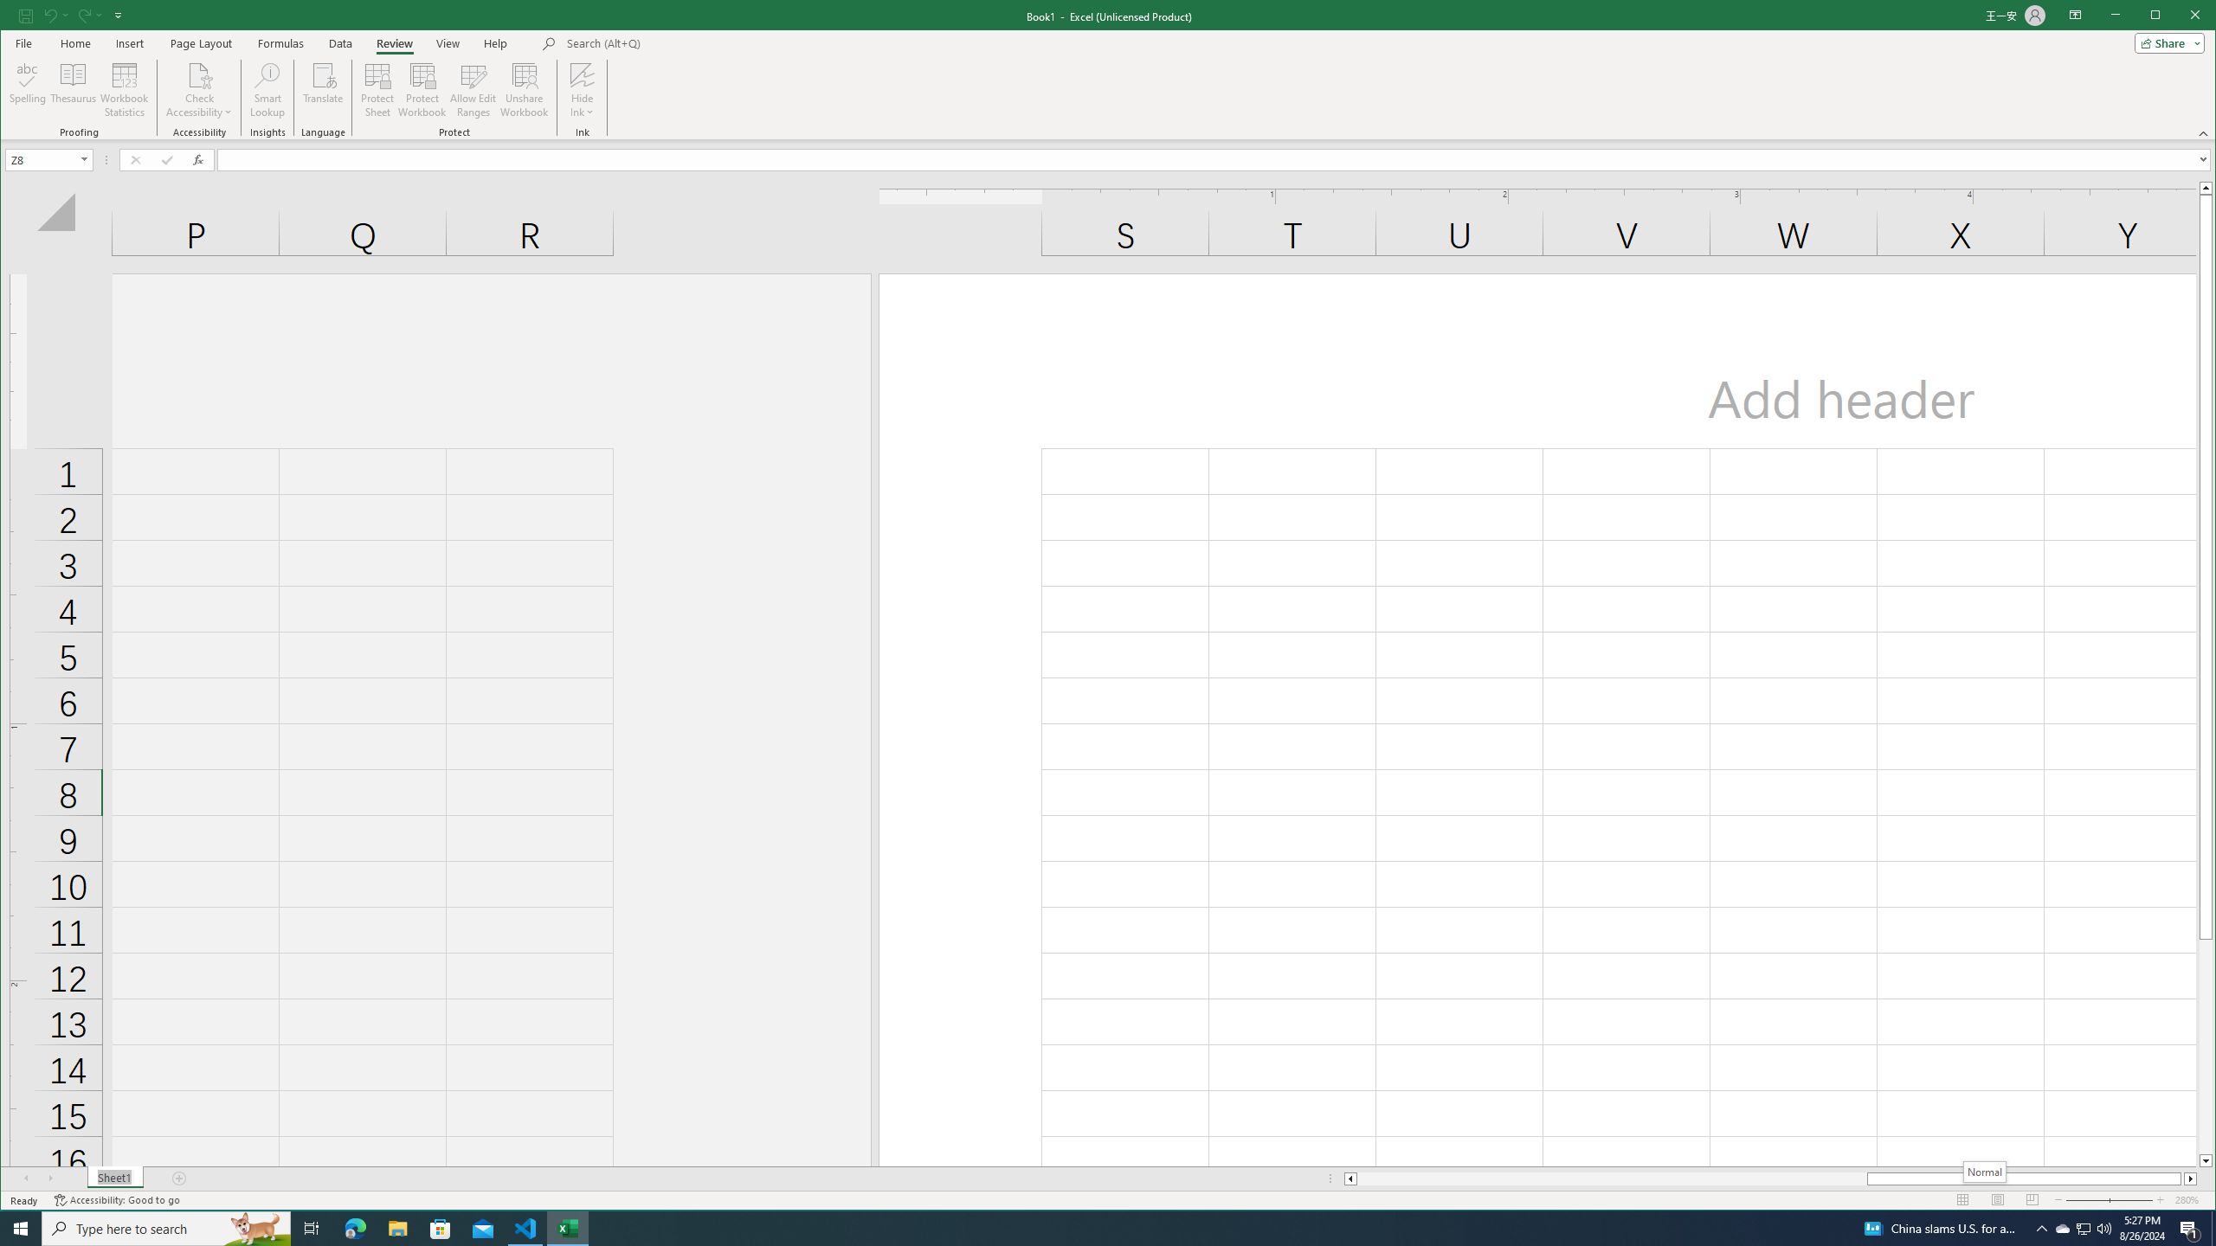  What do you see at coordinates (523, 89) in the screenshot?
I see `'Unshare Workbook'` at bounding box center [523, 89].